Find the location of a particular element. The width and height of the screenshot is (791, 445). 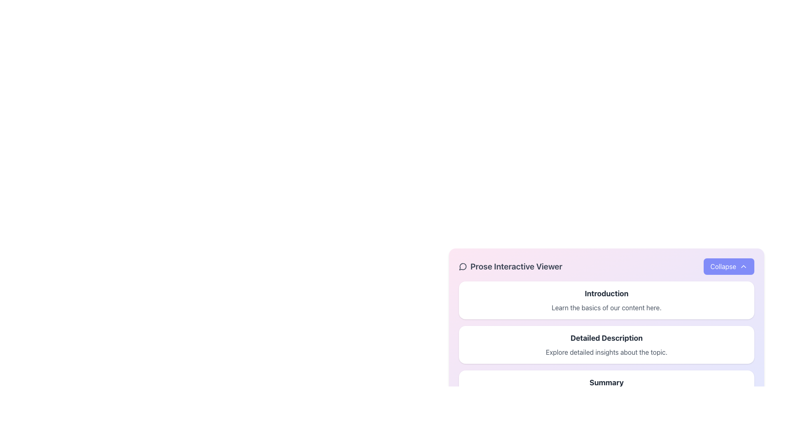

text of the header or title located at the top of the 'Summary' box, which indicates the content or topic of the section is located at coordinates (606, 383).